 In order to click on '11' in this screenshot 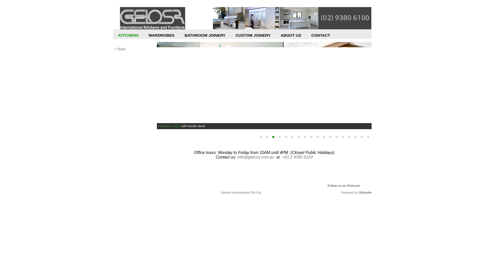, I will do `click(324, 137)`.